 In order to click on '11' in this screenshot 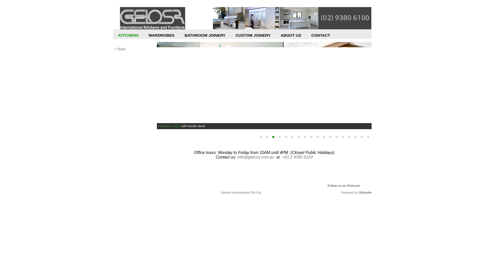, I will do `click(324, 137)`.